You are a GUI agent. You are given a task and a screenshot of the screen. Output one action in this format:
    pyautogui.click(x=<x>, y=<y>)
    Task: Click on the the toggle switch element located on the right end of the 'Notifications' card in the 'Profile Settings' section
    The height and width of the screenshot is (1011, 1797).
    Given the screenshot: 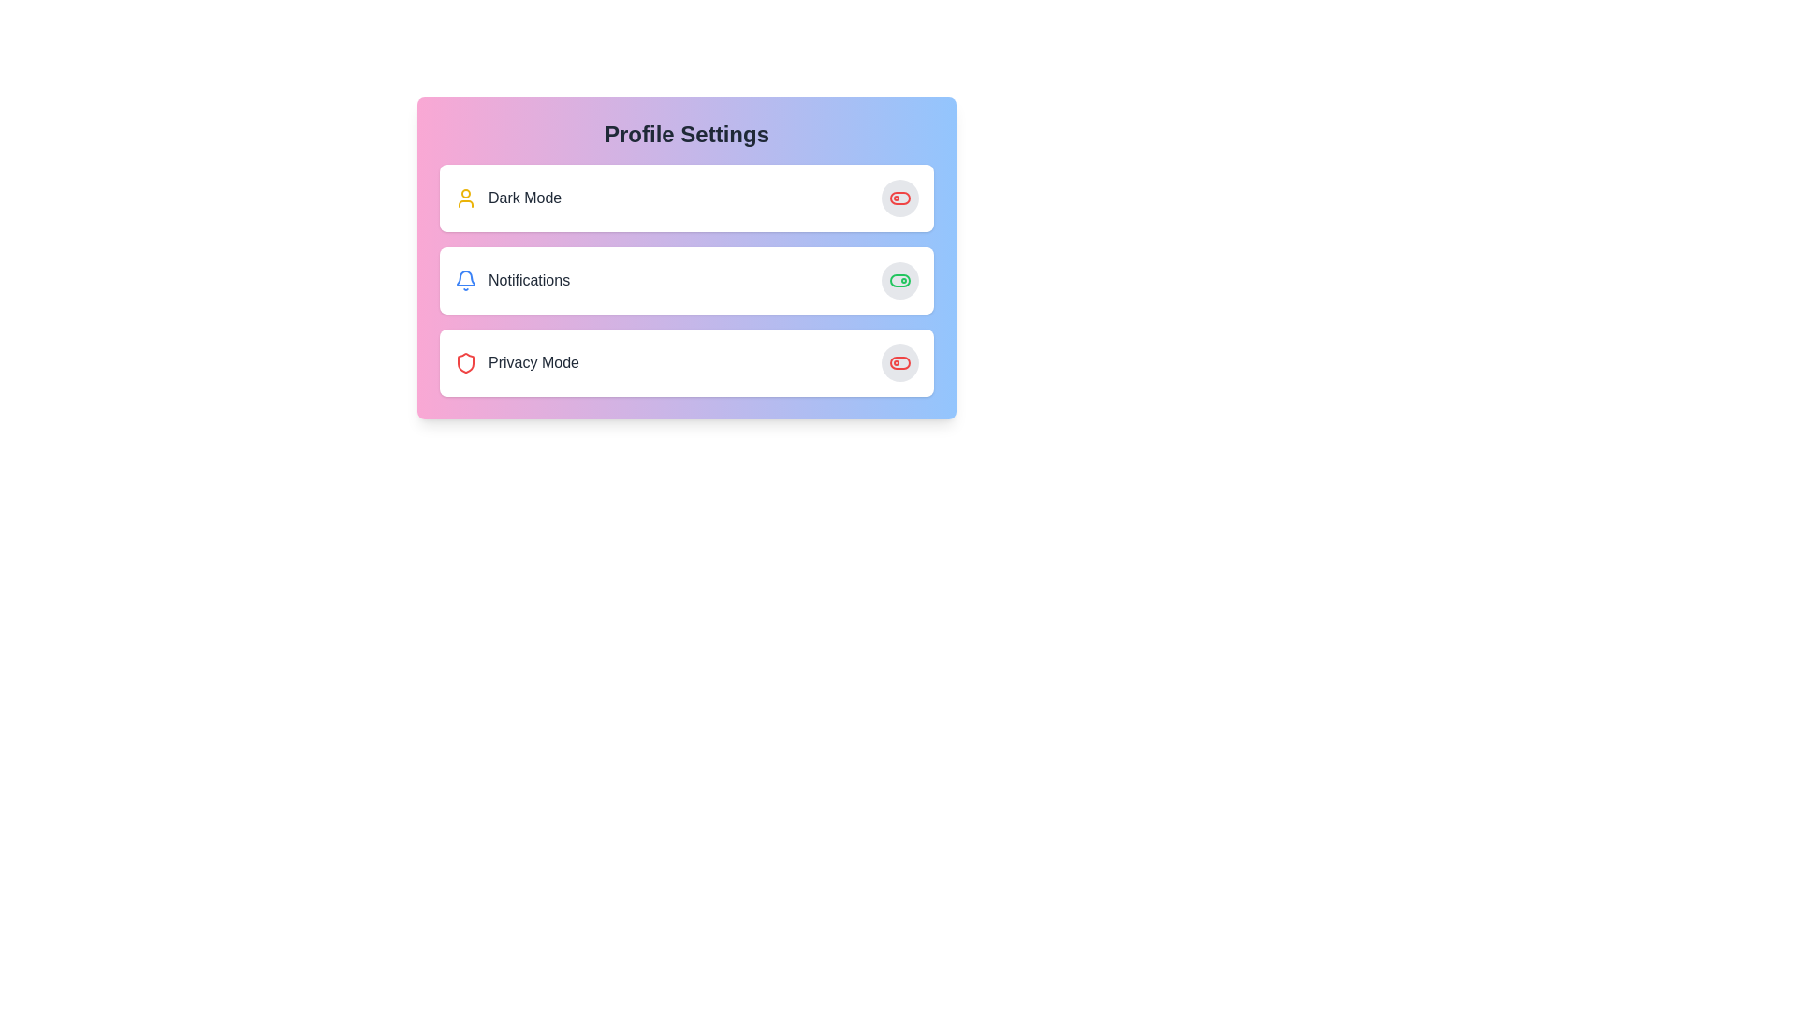 What is the action you would take?
    pyautogui.click(x=899, y=281)
    